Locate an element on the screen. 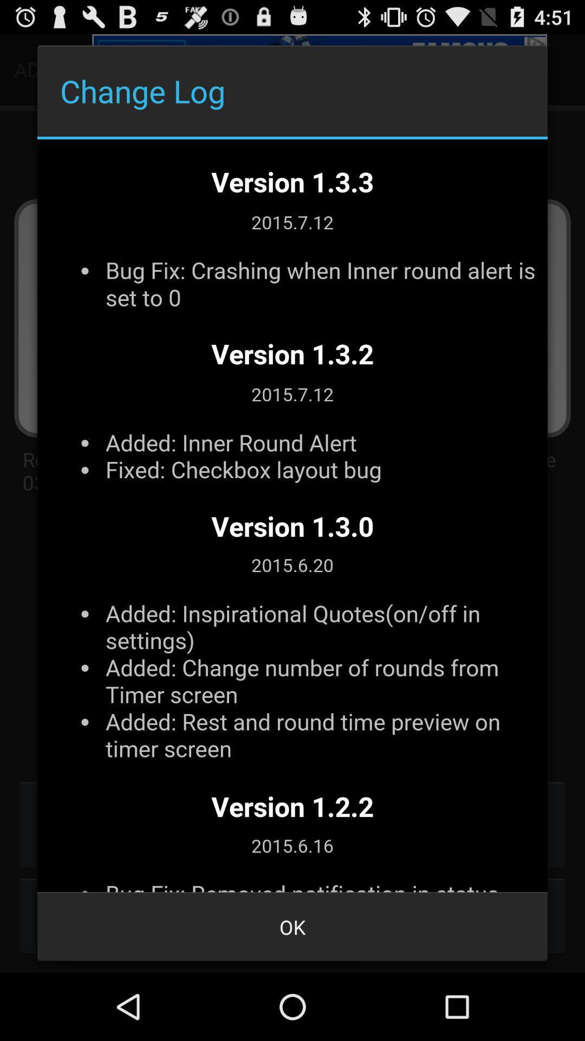 Image resolution: width=585 pixels, height=1041 pixels. advertisement page is located at coordinates (292, 515).